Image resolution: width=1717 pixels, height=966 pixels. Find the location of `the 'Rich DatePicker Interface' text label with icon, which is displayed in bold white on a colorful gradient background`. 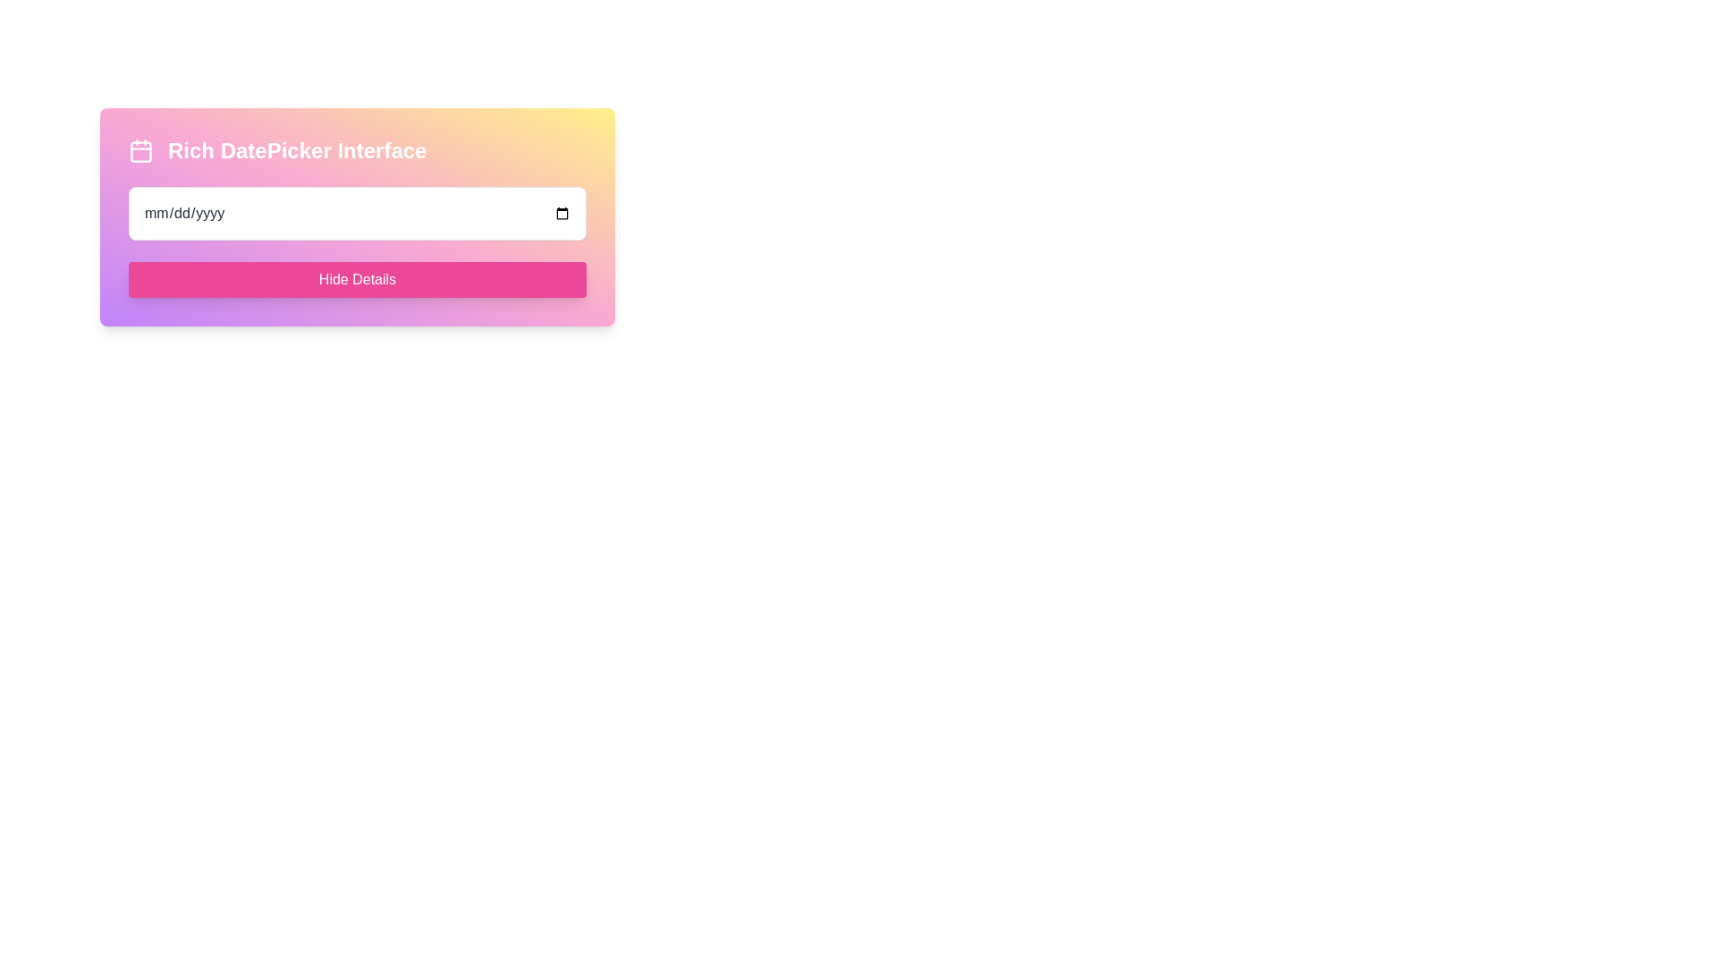

the 'Rich DatePicker Interface' text label with icon, which is displayed in bold white on a colorful gradient background is located at coordinates (357, 150).